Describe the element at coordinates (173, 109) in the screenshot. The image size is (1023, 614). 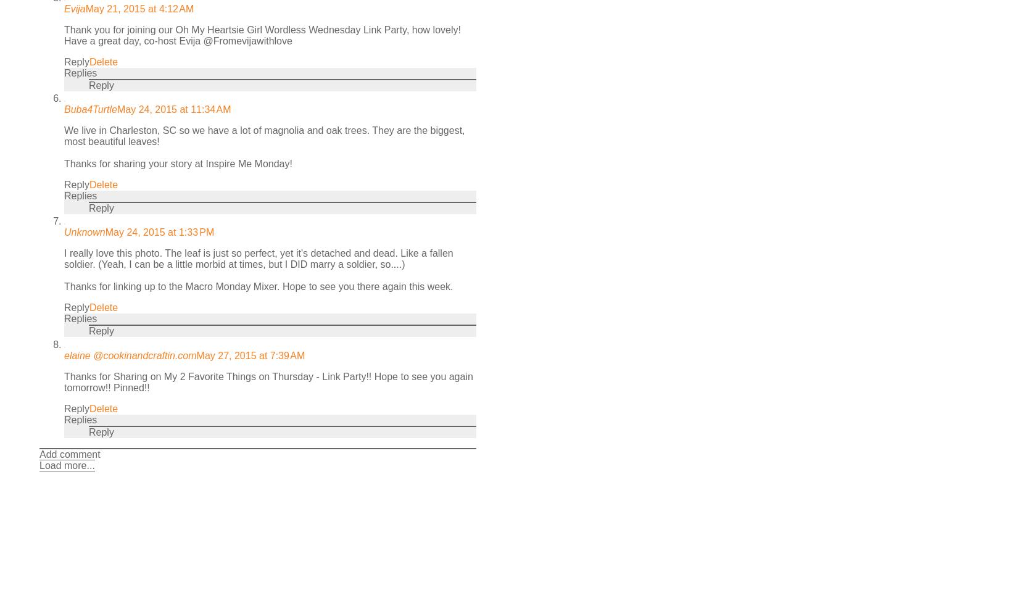
I see `'May 24, 2015 at 11:34 AM'` at that location.